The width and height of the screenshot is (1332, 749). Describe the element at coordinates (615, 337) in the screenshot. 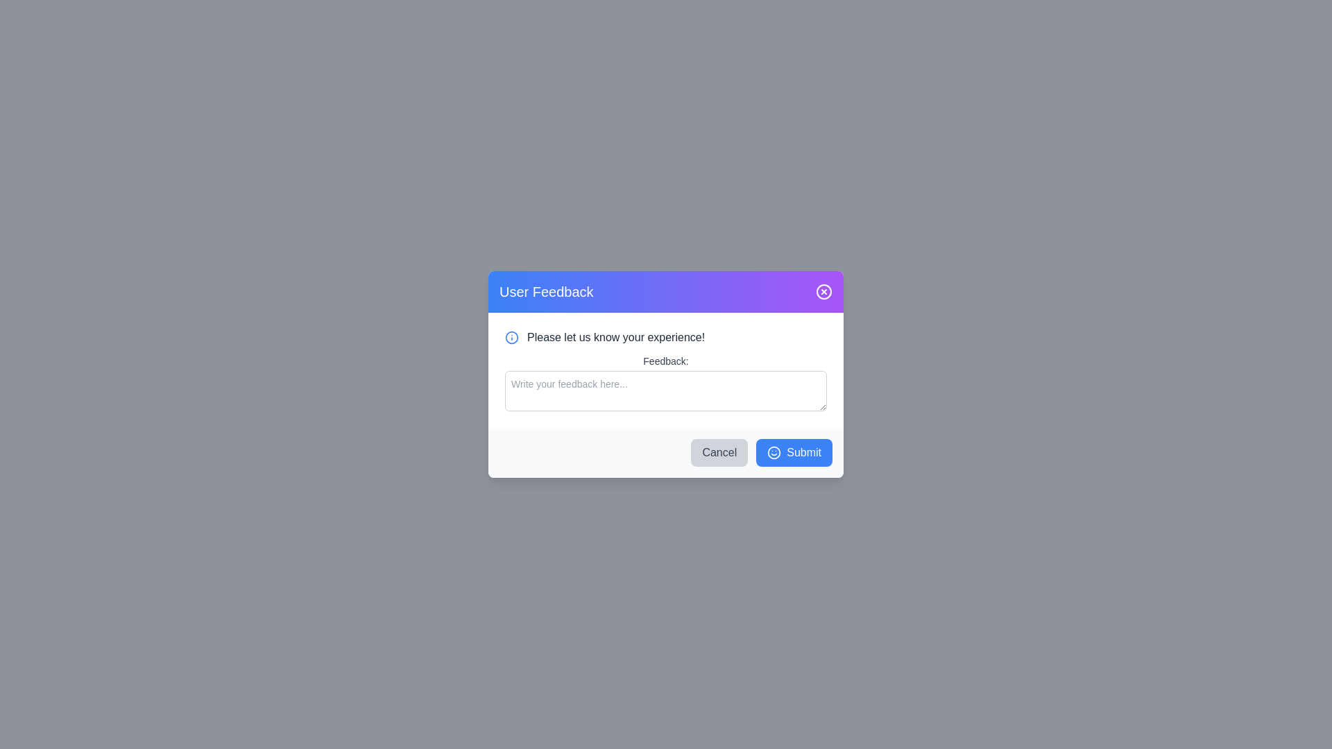

I see `the informative text label located above the 'Feedback:' label in the user feedback form` at that location.